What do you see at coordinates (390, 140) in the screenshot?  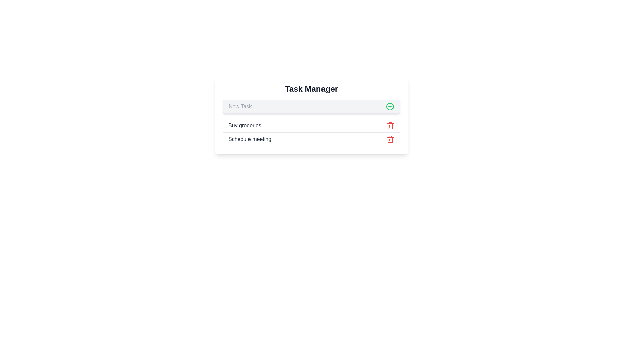 I see `the body outline of the trash bin icon, which is located at the bottom center of the trash icon next to the 'Schedule meeting' task entry` at bounding box center [390, 140].